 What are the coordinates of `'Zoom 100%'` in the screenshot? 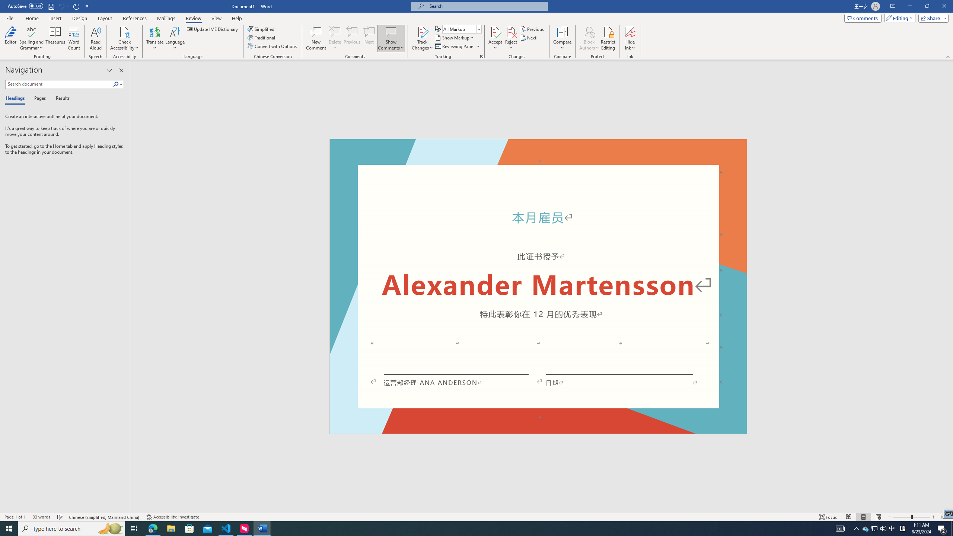 It's located at (944, 517).